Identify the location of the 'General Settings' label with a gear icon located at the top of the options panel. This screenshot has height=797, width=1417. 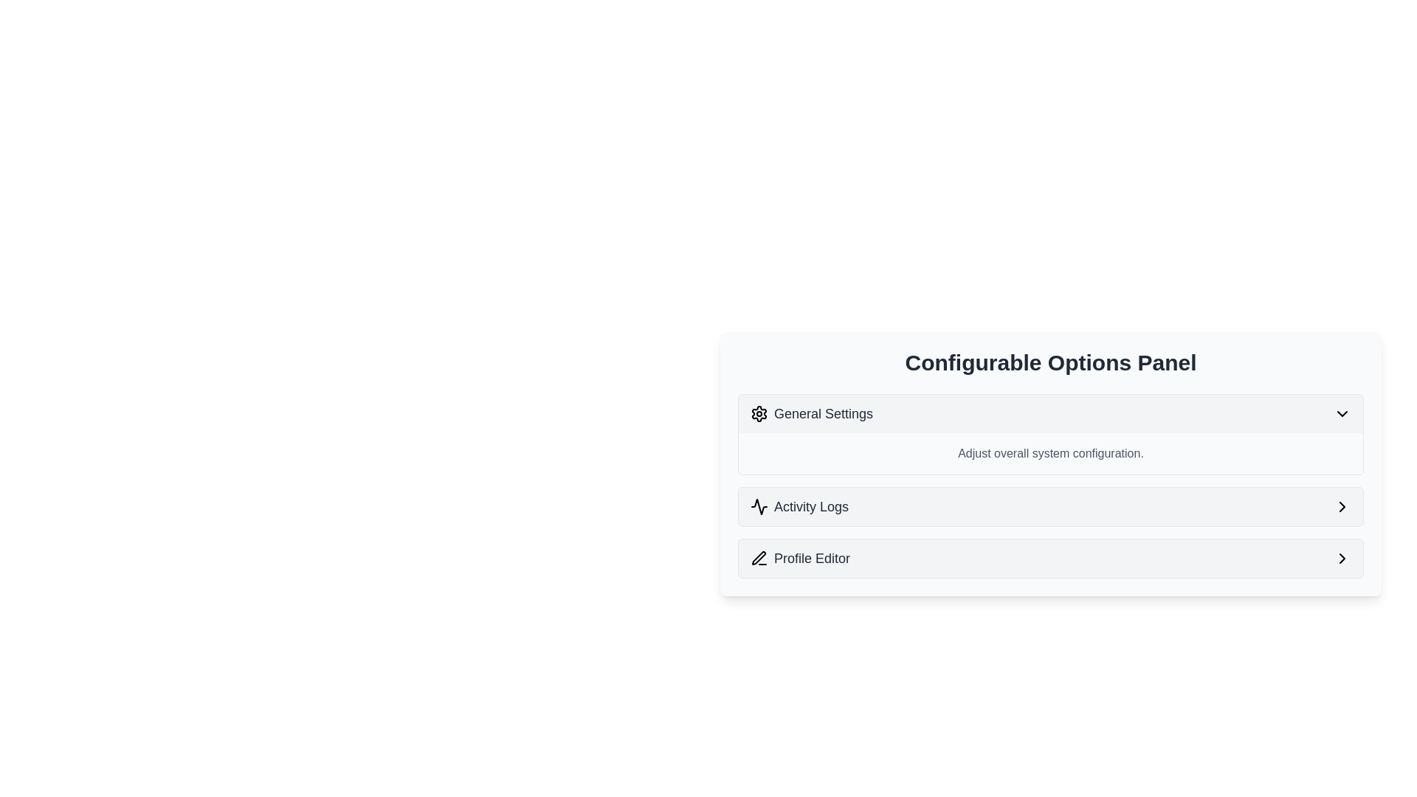
(810, 413).